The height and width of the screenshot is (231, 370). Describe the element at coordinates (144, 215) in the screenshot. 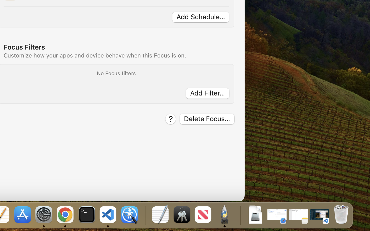

I see `'0.4285714328289032'` at that location.